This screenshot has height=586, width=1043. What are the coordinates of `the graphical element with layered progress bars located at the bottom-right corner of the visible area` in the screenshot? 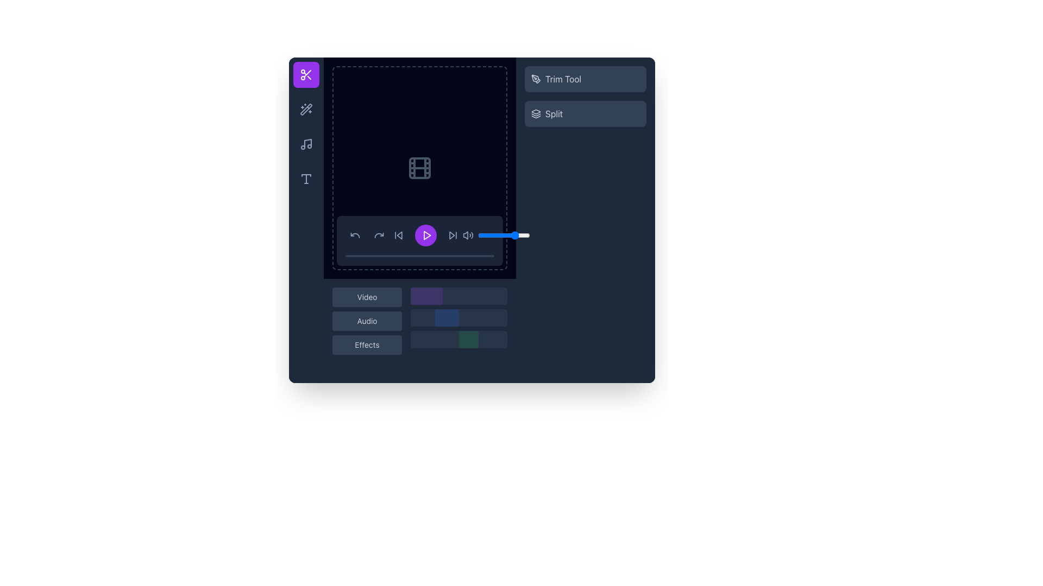 It's located at (458, 320).